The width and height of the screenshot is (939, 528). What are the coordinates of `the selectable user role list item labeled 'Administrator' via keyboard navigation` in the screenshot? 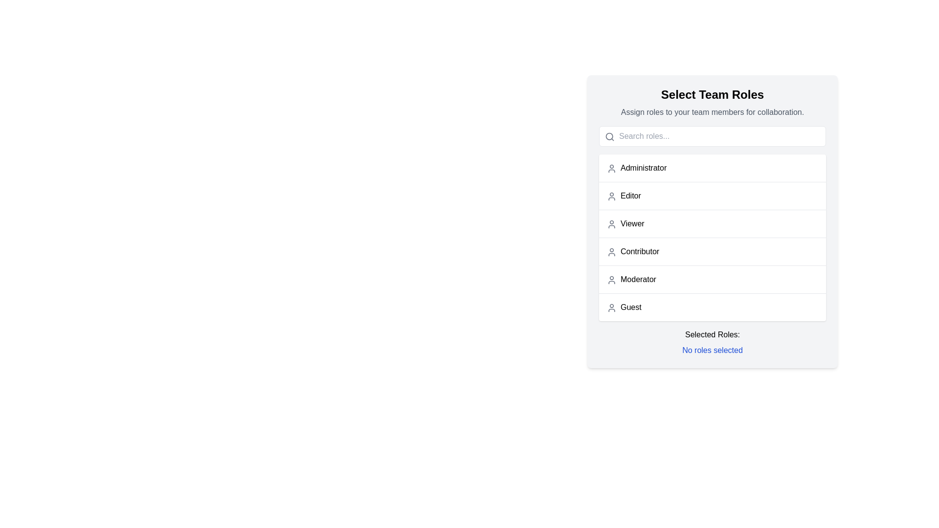 It's located at (637, 167).